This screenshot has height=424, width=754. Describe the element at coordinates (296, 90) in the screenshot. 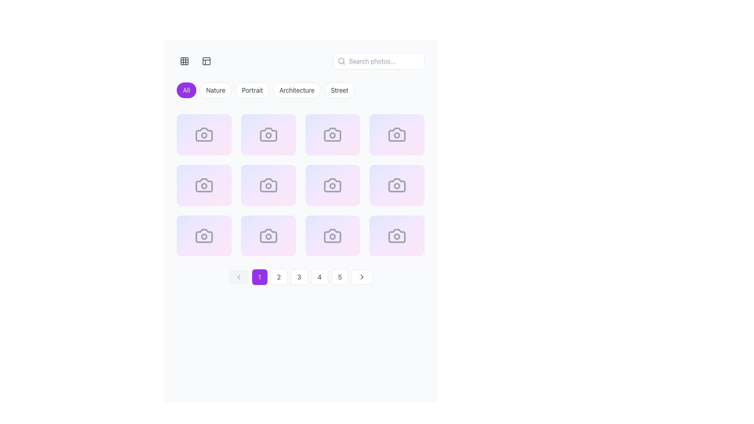

I see `the fourth button in the horizontal list near the top-center of the interface to apply the Architecture filter` at that location.